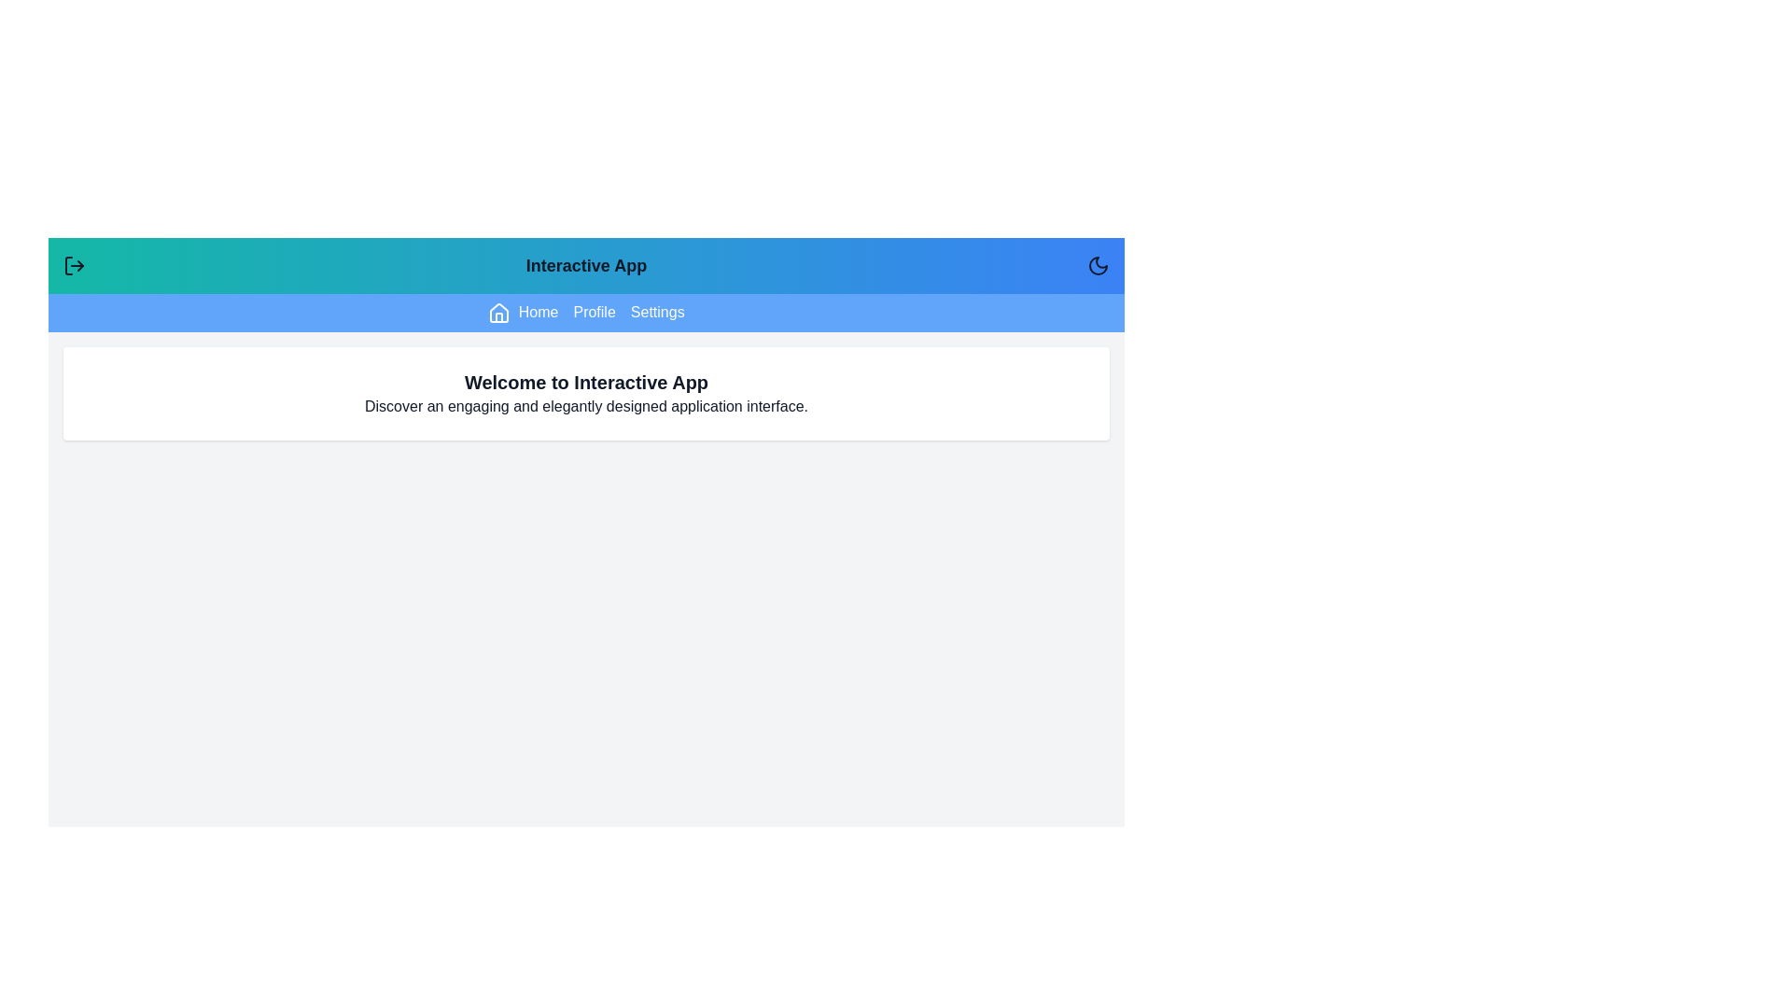  What do you see at coordinates (657, 312) in the screenshot?
I see `the 'Settings' button in the navigation bar to navigate to the Settings section` at bounding box center [657, 312].